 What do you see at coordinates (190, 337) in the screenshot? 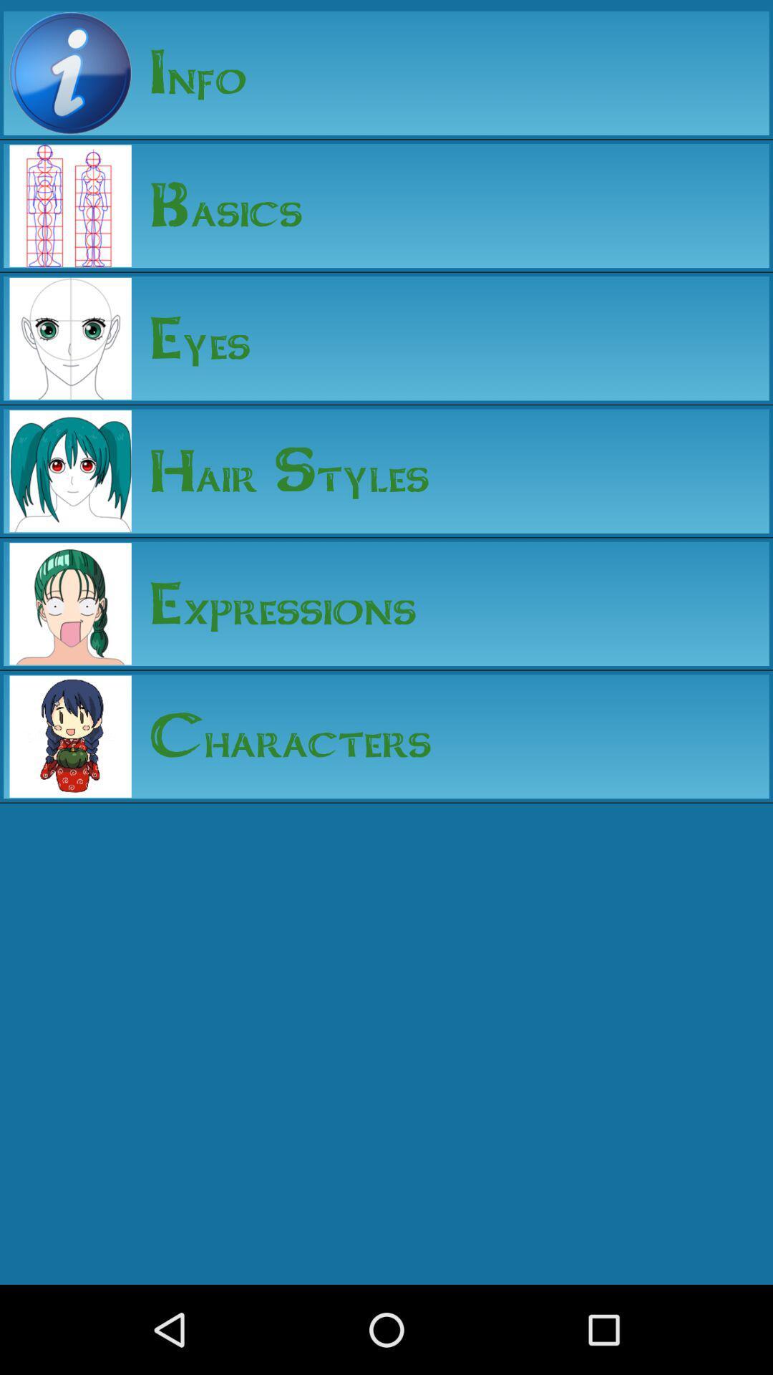
I see `eyes` at bounding box center [190, 337].